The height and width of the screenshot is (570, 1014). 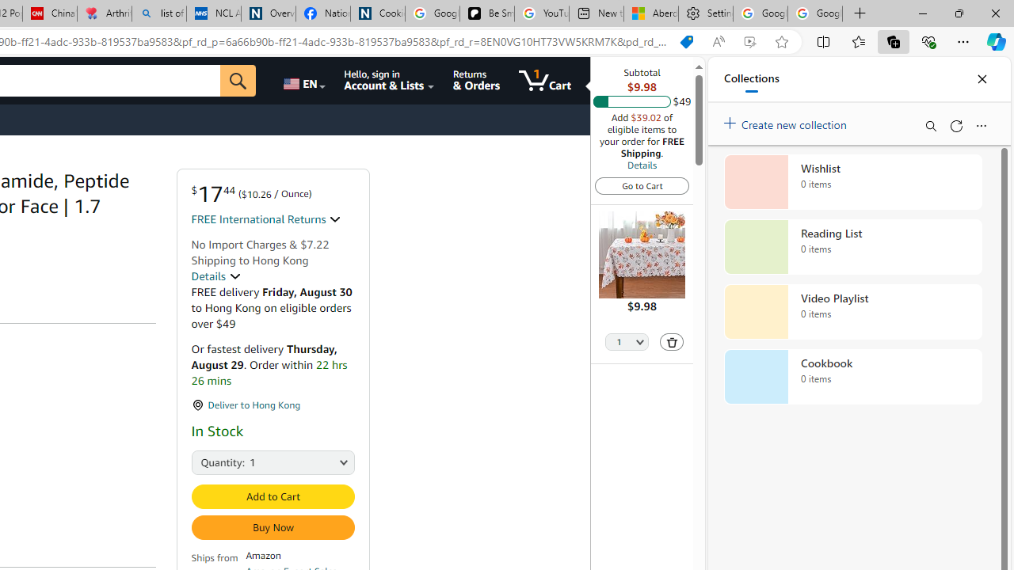 I want to click on 'Close', so click(x=981, y=79).